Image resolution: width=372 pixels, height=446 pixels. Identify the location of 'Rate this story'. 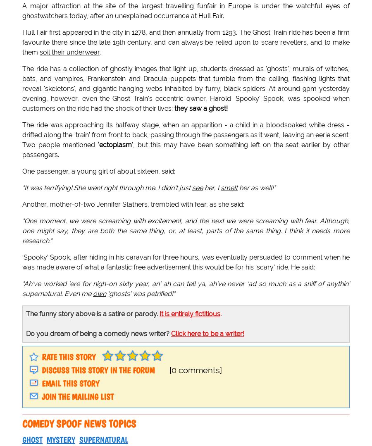
(68, 357).